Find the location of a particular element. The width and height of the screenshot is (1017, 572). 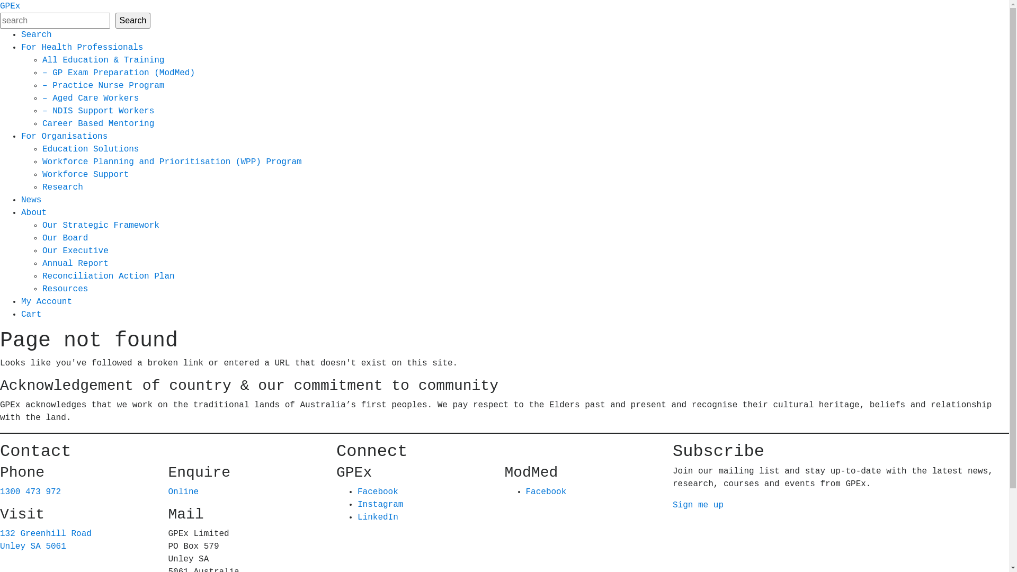

'Our Executive' is located at coordinates (75, 251).